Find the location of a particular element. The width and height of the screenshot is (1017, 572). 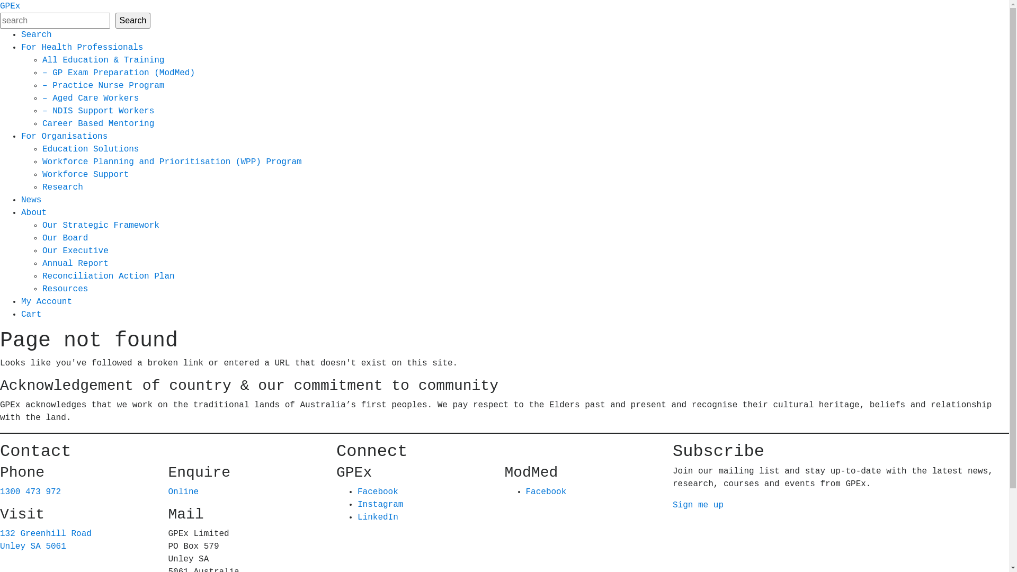

'Our Executive' is located at coordinates (75, 251).